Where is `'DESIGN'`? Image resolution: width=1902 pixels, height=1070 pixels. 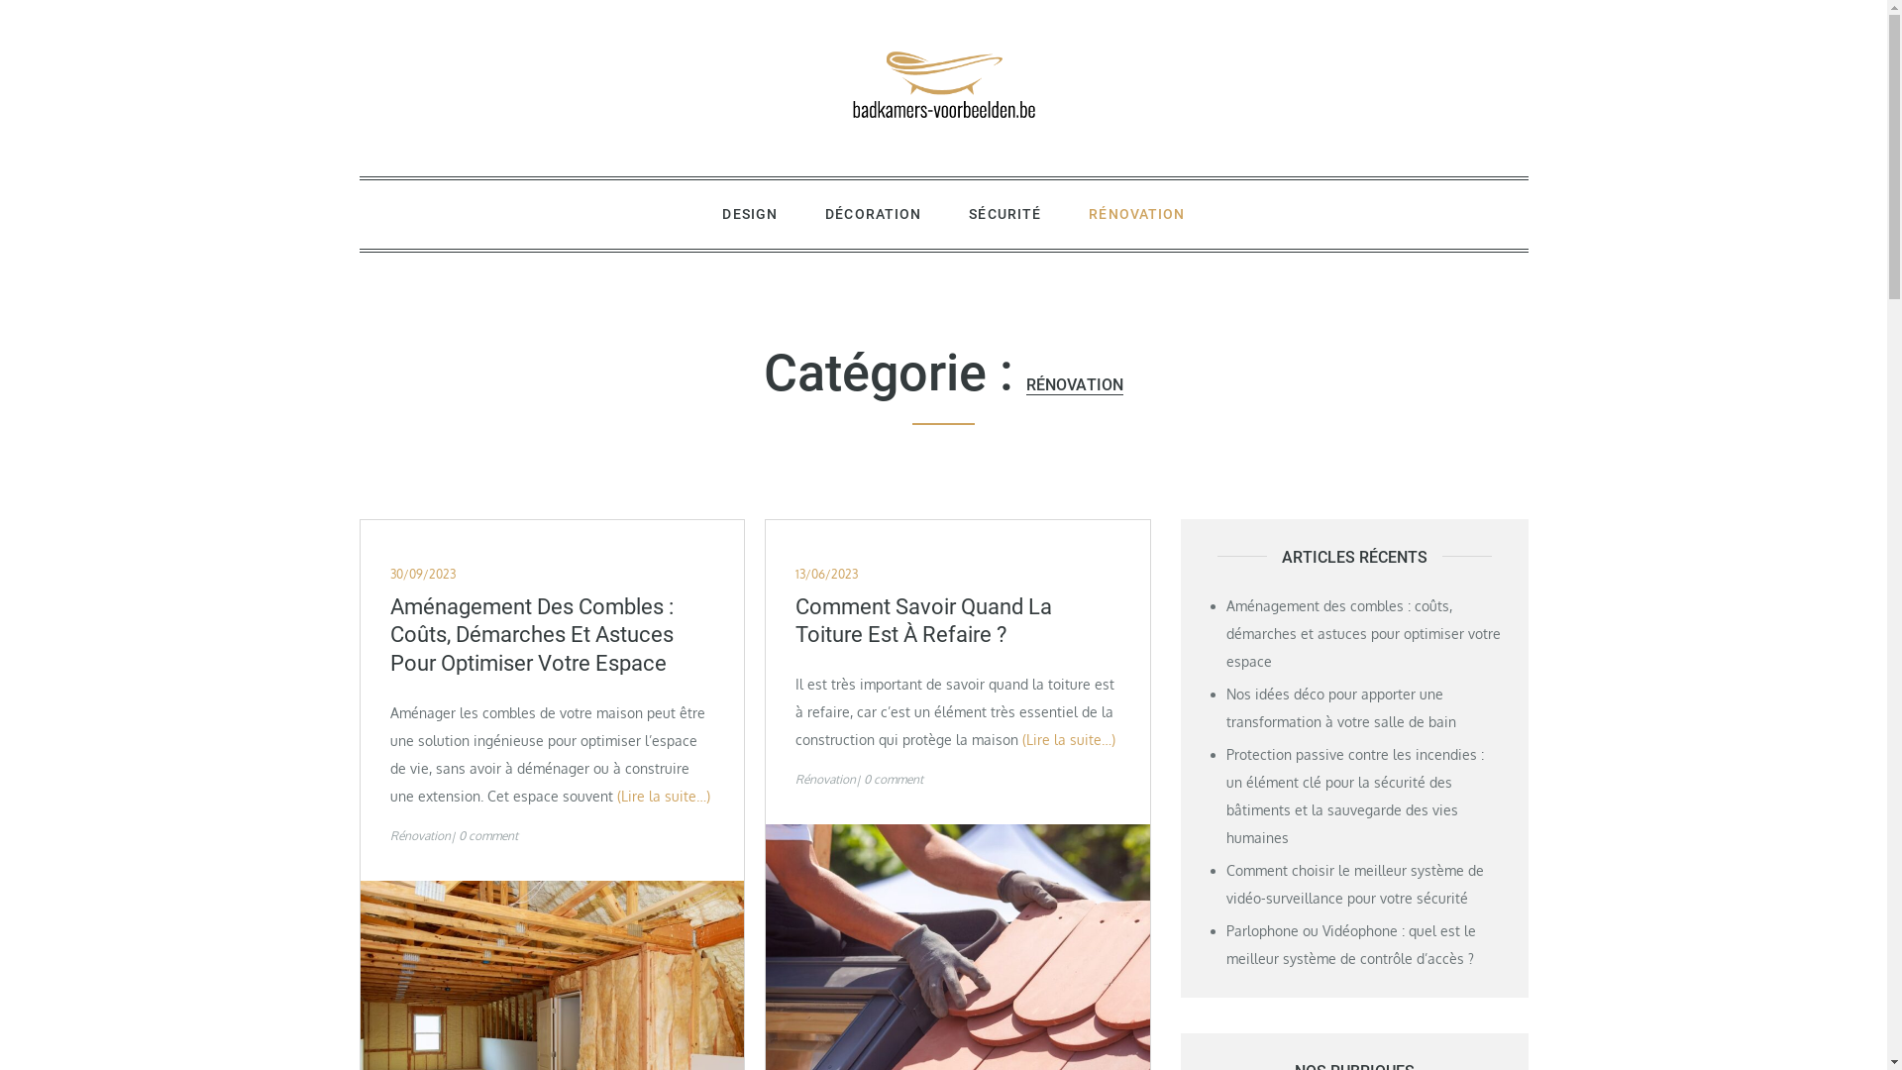 'DESIGN' is located at coordinates (749, 214).